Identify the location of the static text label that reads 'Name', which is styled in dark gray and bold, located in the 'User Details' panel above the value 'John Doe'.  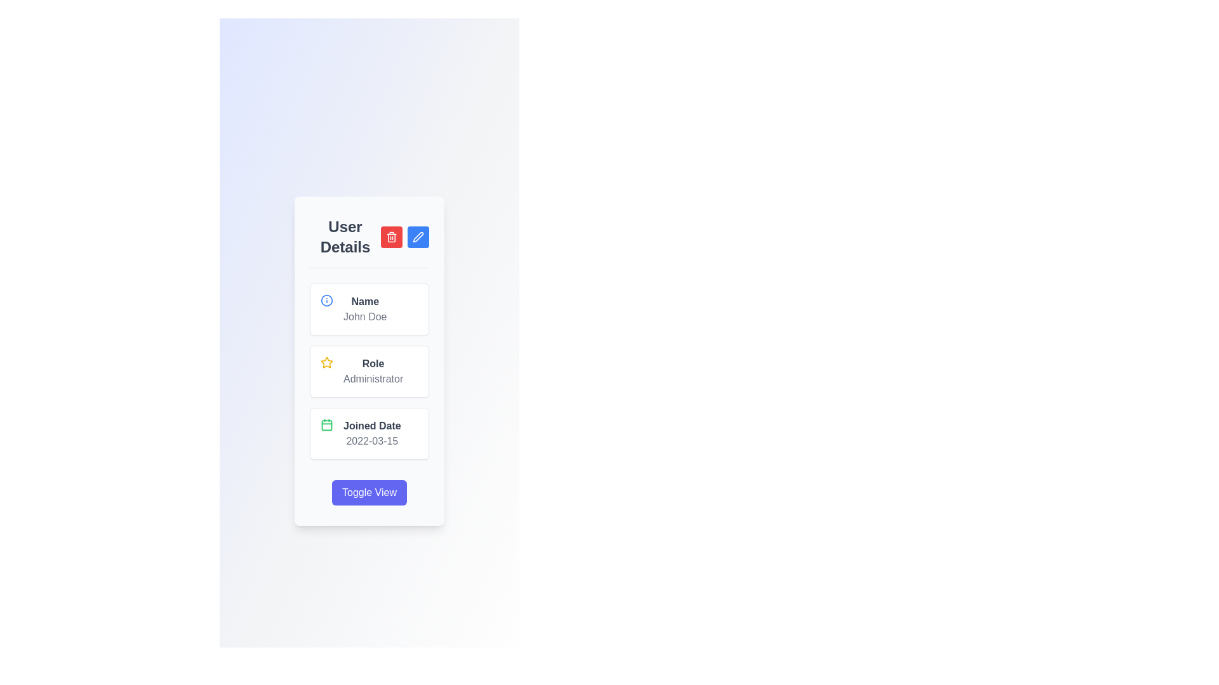
(364, 301).